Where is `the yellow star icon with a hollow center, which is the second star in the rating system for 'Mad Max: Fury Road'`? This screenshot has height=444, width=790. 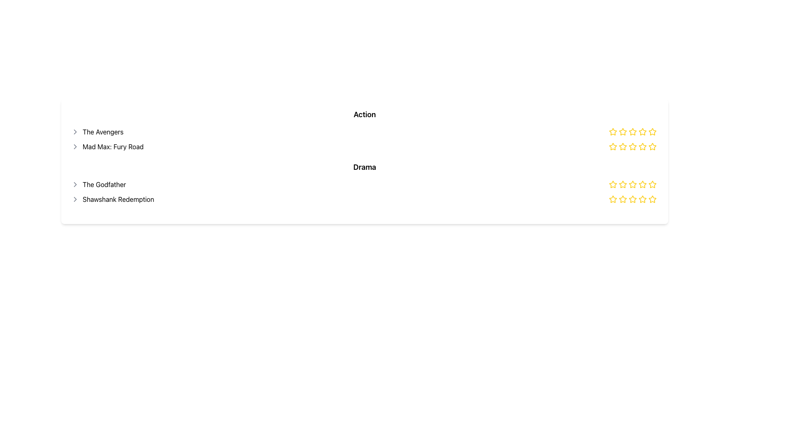
the yellow star icon with a hollow center, which is the second star in the rating system for 'Mad Max: Fury Road' is located at coordinates (641, 146).